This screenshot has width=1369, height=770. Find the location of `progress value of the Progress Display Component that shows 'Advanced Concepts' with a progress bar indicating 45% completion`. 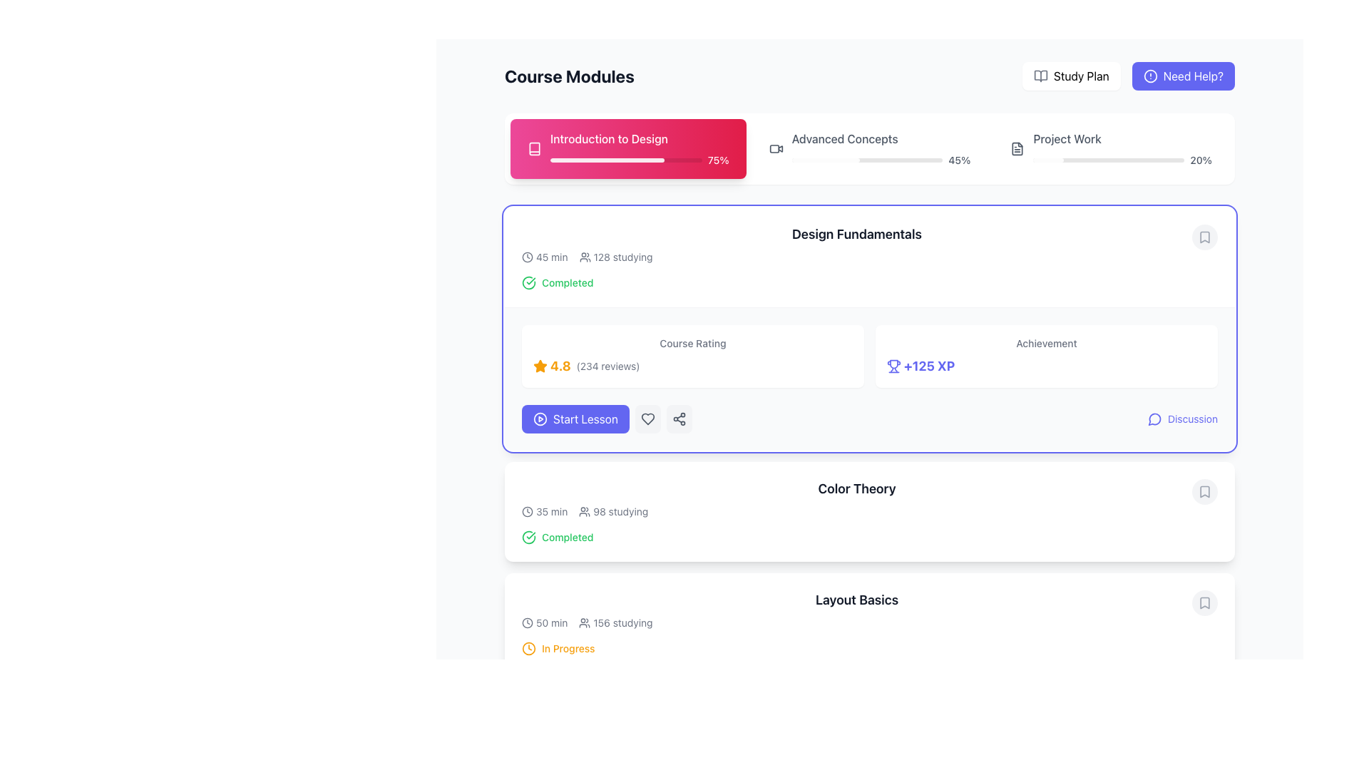

progress value of the Progress Display Component that shows 'Advanced Concepts' with a progress bar indicating 45% completion is located at coordinates (881, 148).